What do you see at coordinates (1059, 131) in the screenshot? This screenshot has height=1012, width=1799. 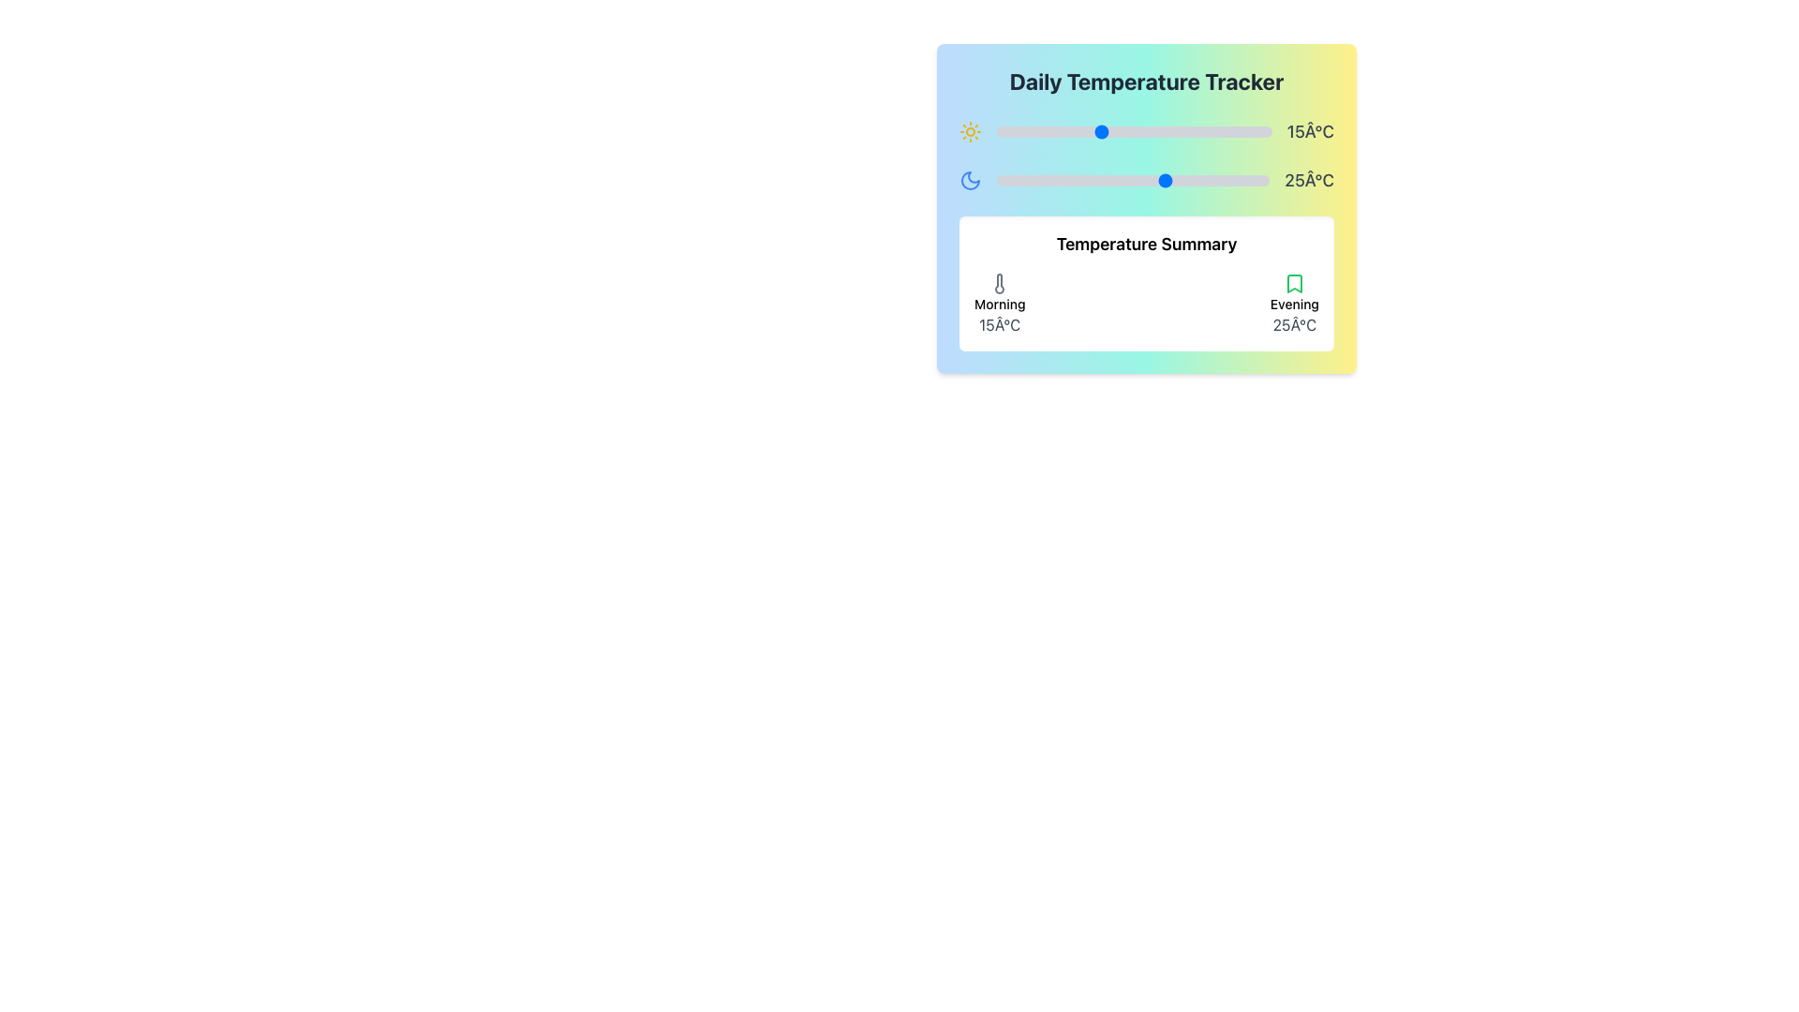 I see `the temperature slider` at bounding box center [1059, 131].